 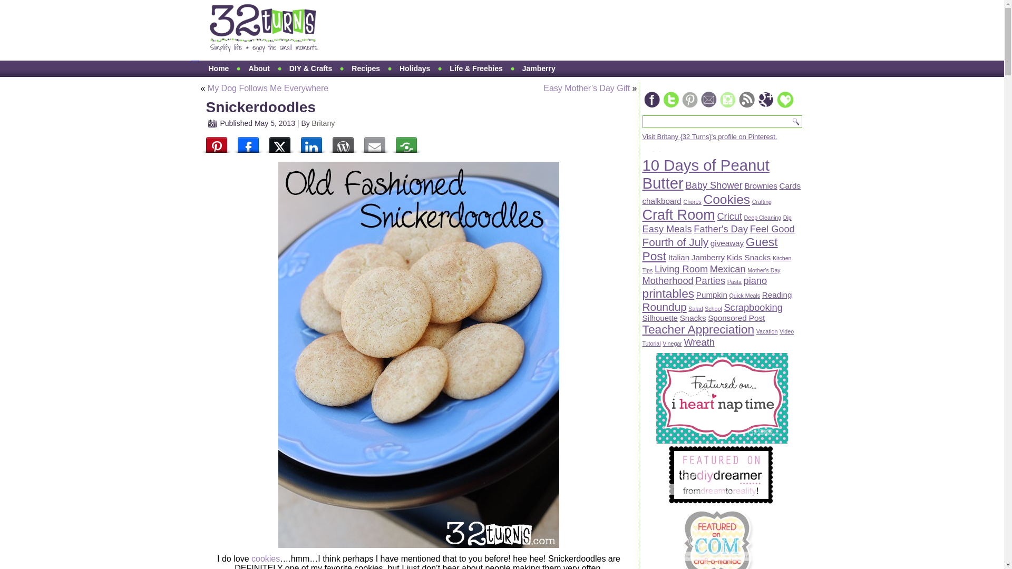 What do you see at coordinates (762, 295) in the screenshot?
I see `'Reading'` at bounding box center [762, 295].